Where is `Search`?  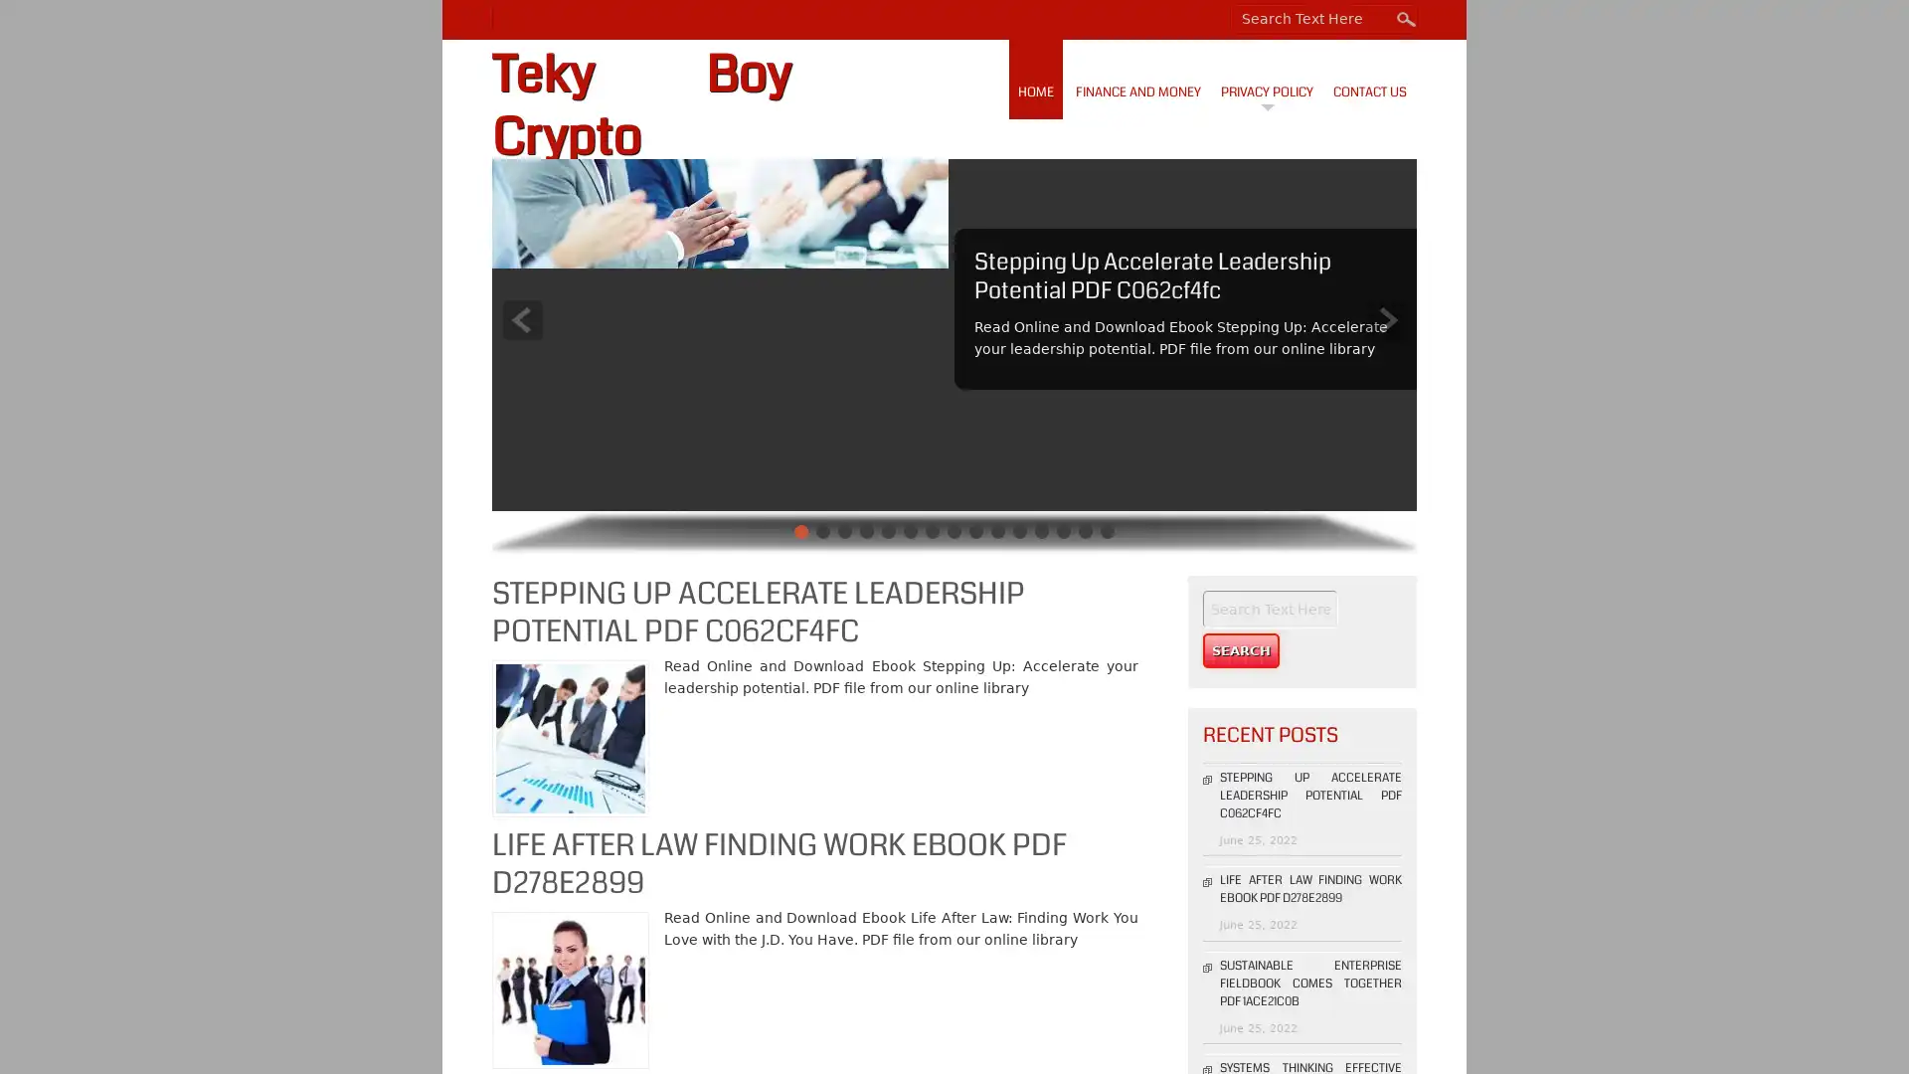
Search is located at coordinates (1240, 650).